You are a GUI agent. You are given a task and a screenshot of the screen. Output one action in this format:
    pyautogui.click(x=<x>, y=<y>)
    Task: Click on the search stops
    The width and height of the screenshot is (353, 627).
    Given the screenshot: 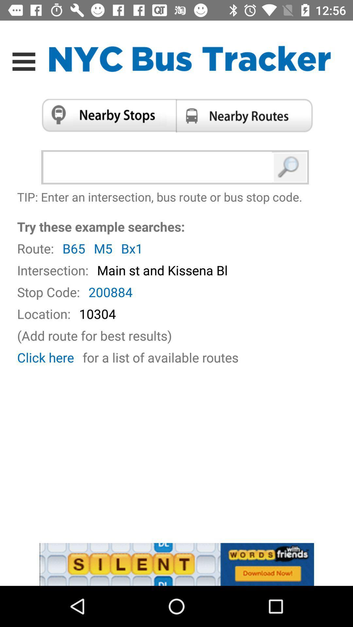 What is the action you would take?
    pyautogui.click(x=106, y=115)
    